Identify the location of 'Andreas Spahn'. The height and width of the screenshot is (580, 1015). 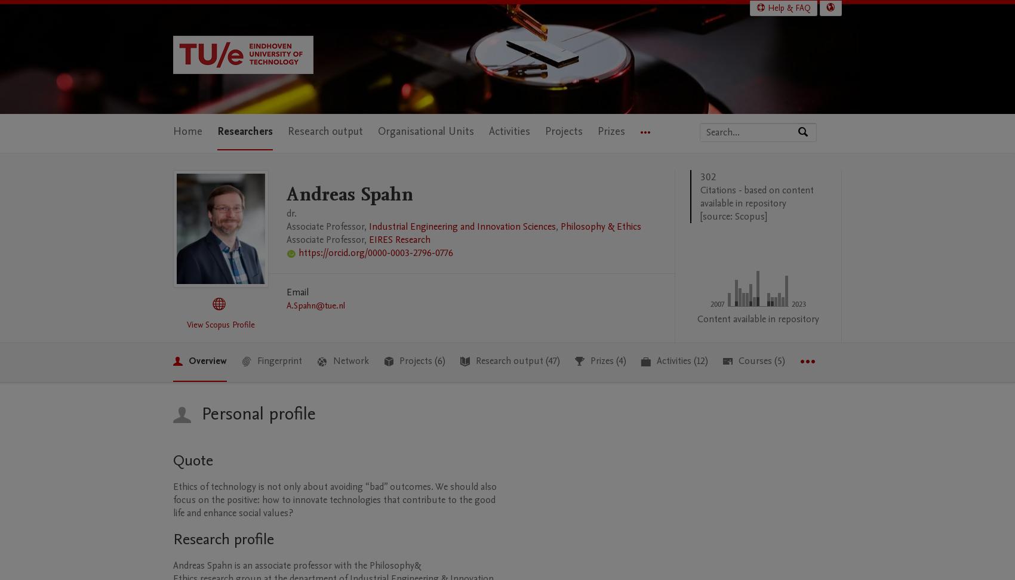
(349, 193).